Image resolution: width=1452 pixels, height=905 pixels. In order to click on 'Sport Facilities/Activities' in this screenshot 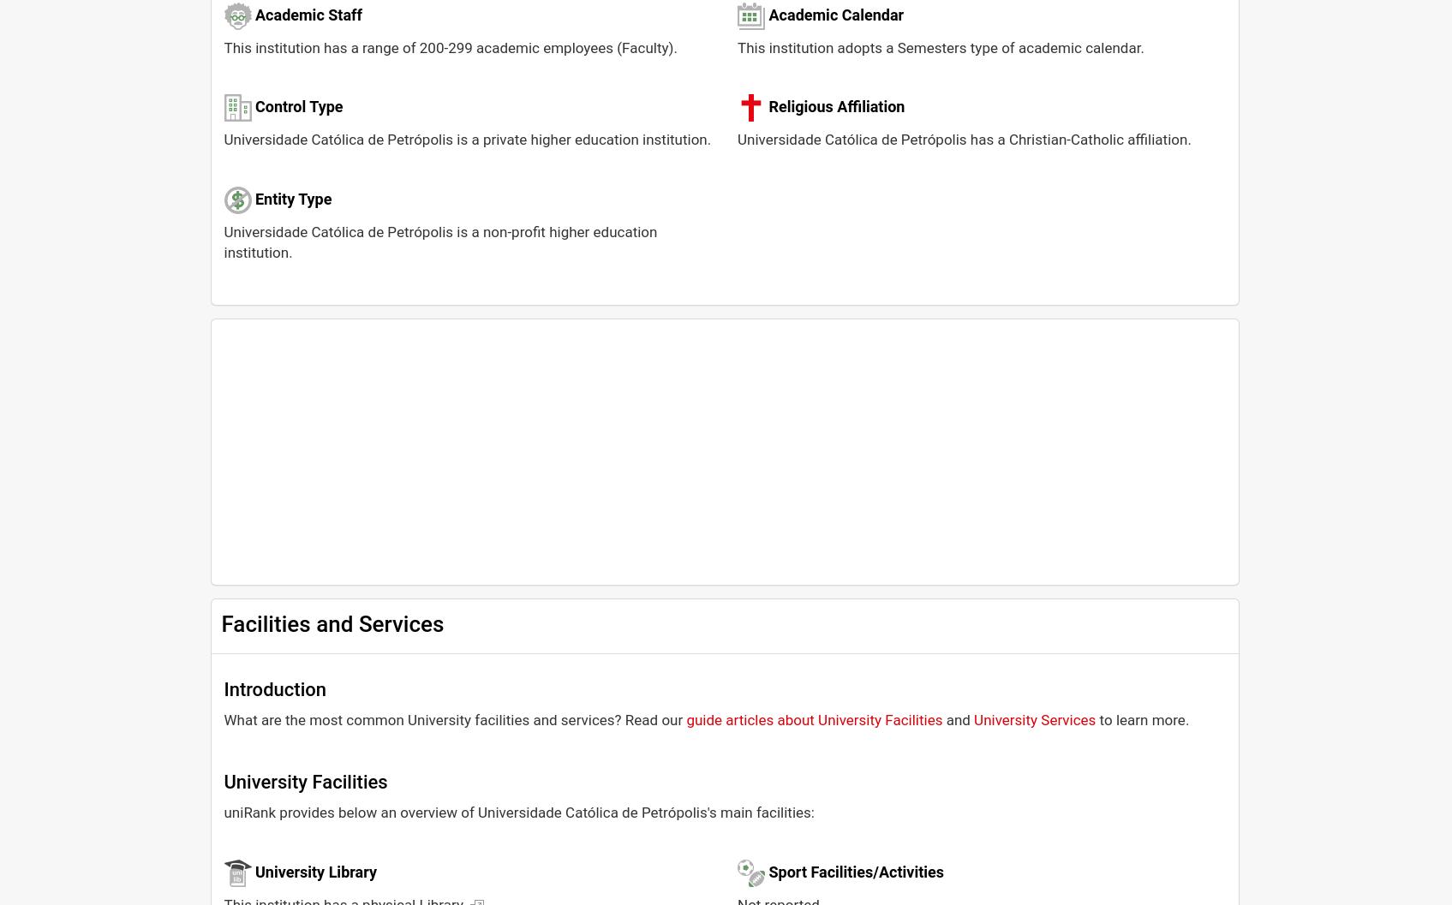, I will do `click(767, 870)`.